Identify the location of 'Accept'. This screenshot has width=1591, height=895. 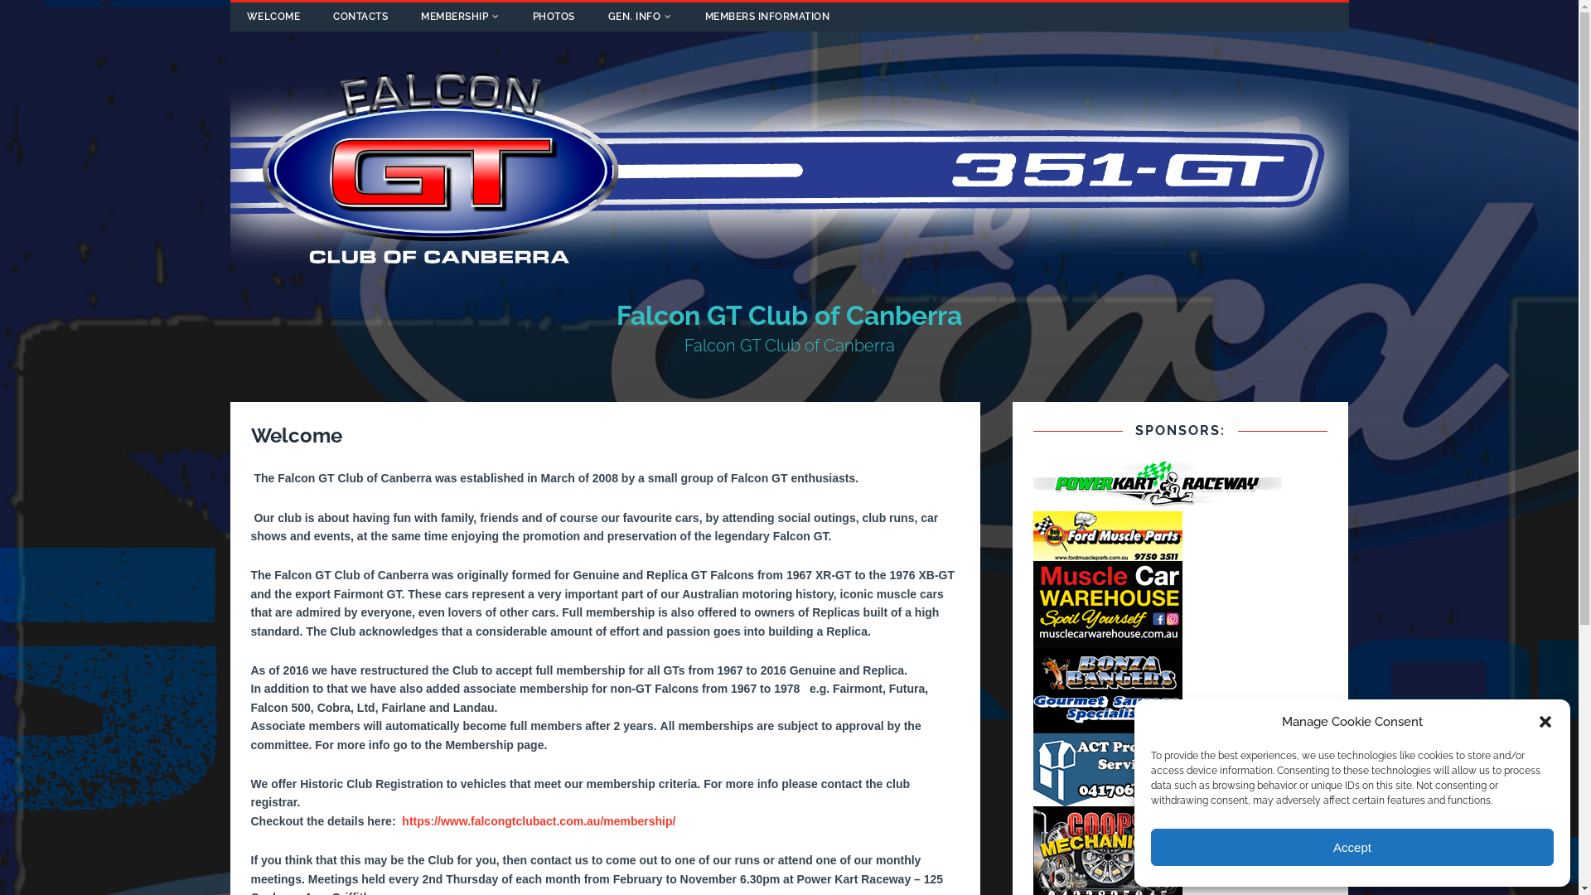
(1352, 847).